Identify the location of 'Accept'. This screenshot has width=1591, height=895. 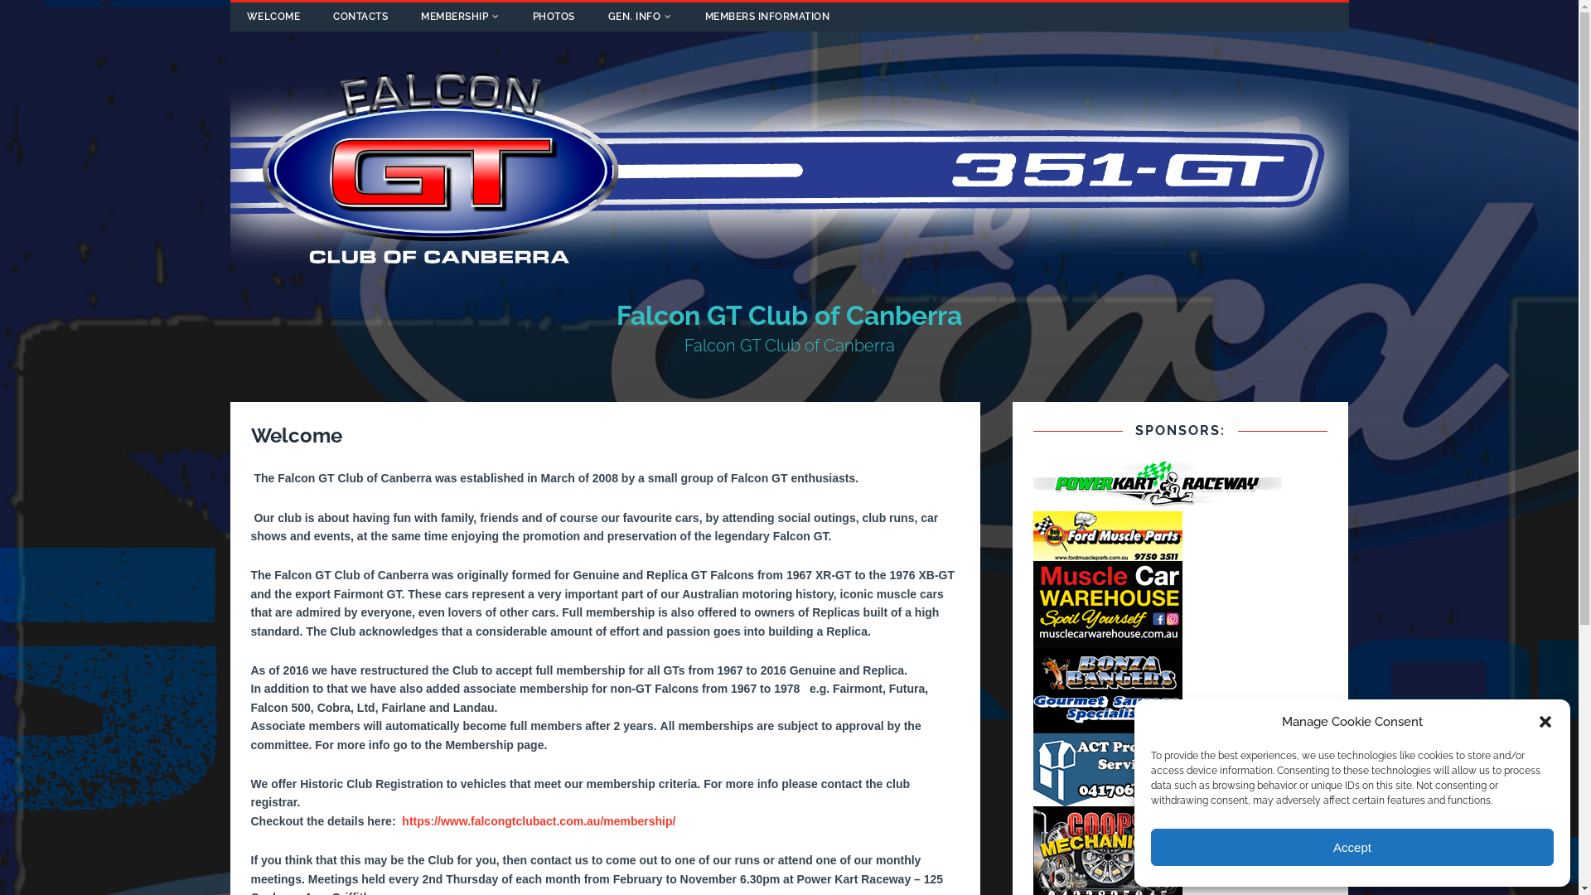
(1352, 847).